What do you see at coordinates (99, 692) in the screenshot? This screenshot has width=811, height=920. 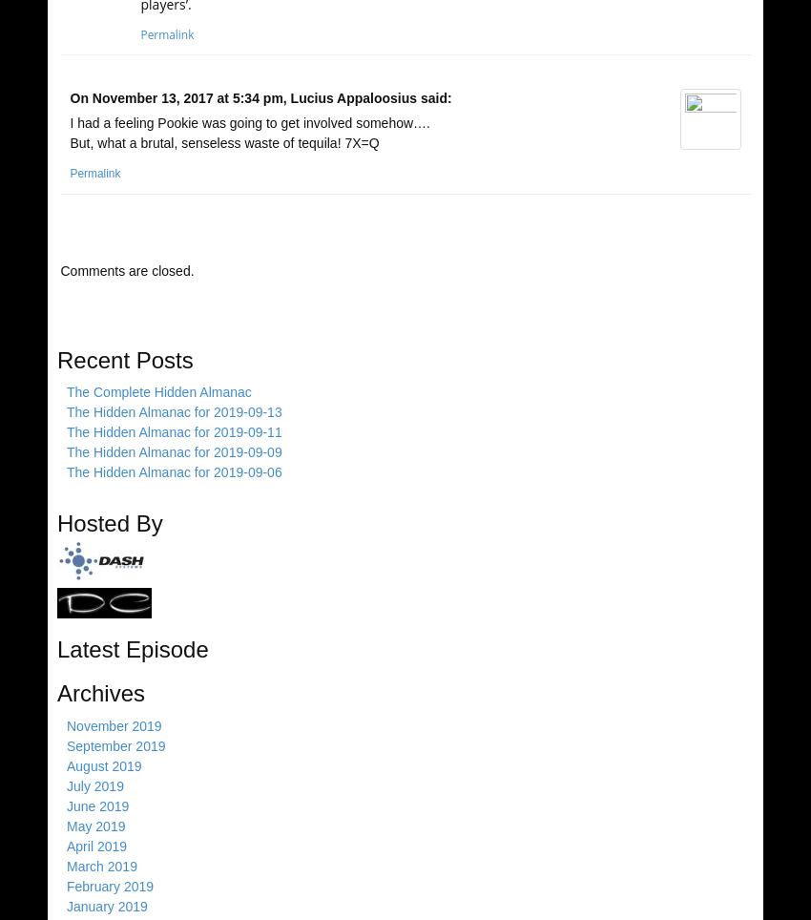 I see `'Archives'` at bounding box center [99, 692].